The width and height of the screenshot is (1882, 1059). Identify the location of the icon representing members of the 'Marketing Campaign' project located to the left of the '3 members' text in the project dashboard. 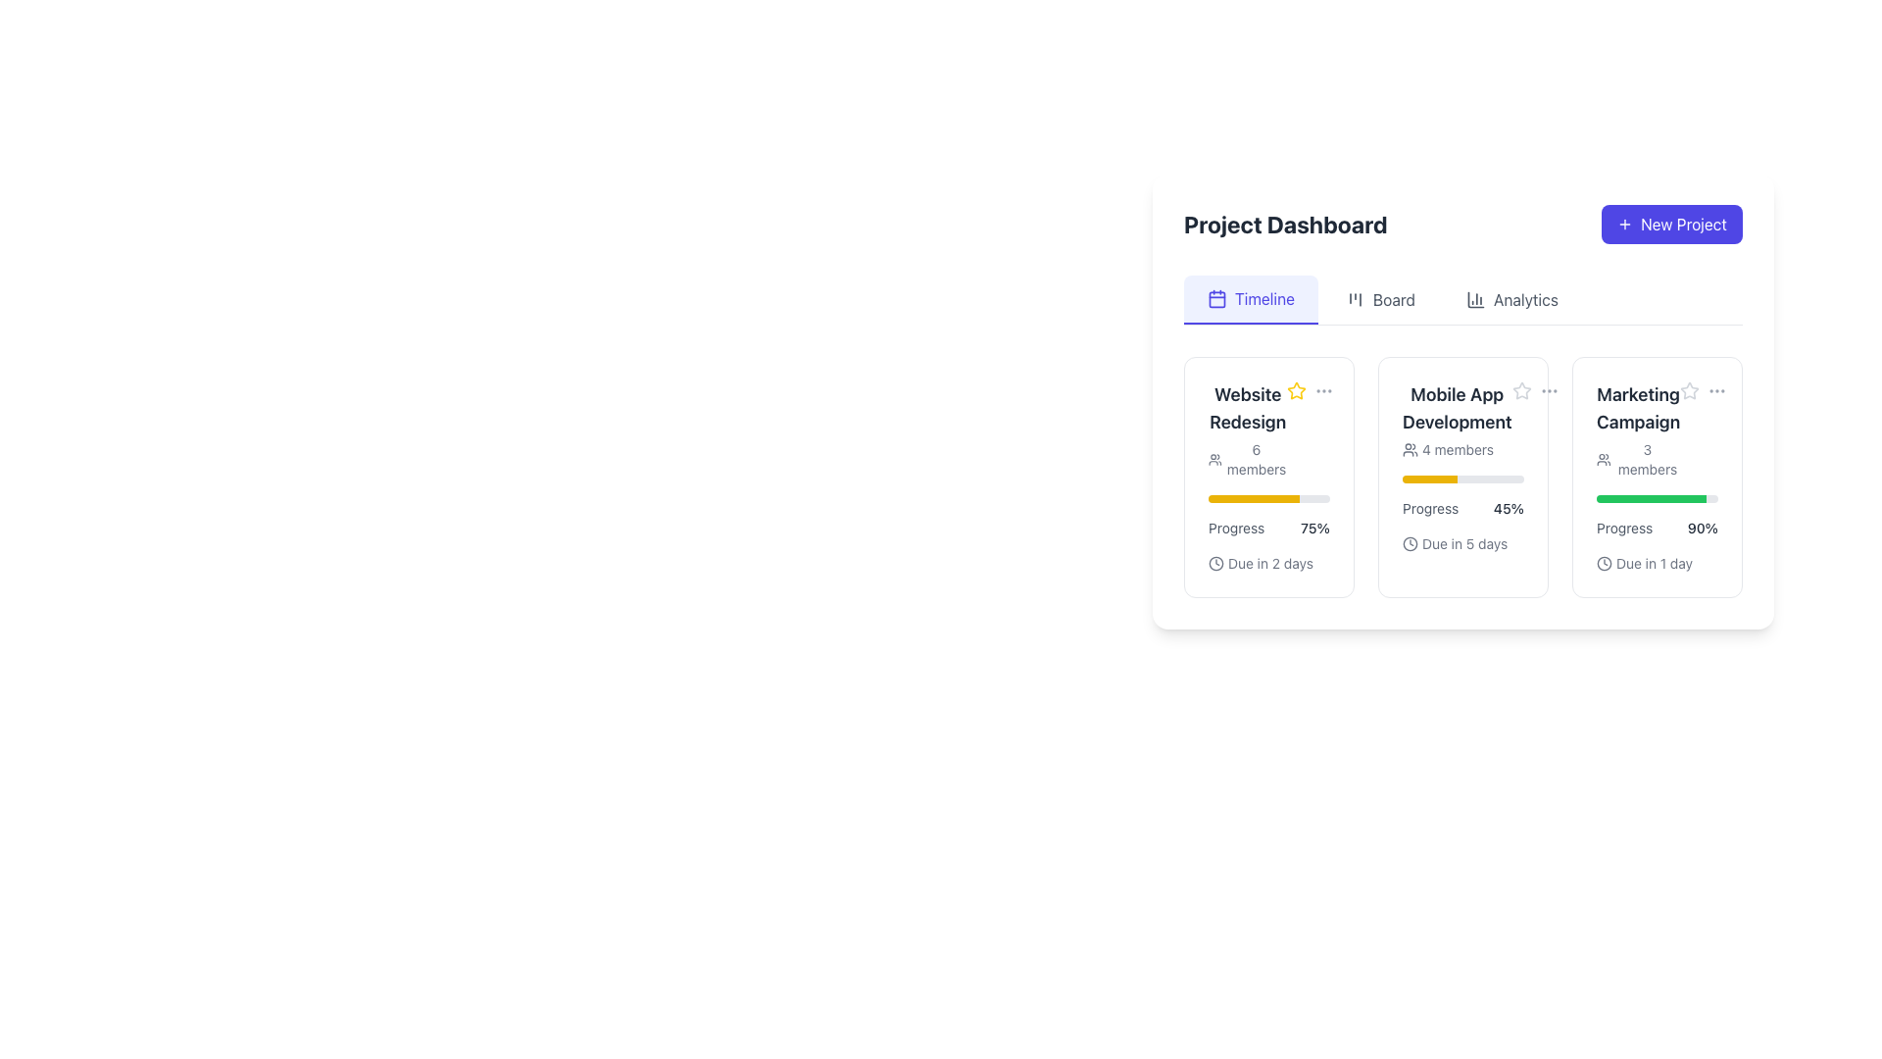
(1604, 460).